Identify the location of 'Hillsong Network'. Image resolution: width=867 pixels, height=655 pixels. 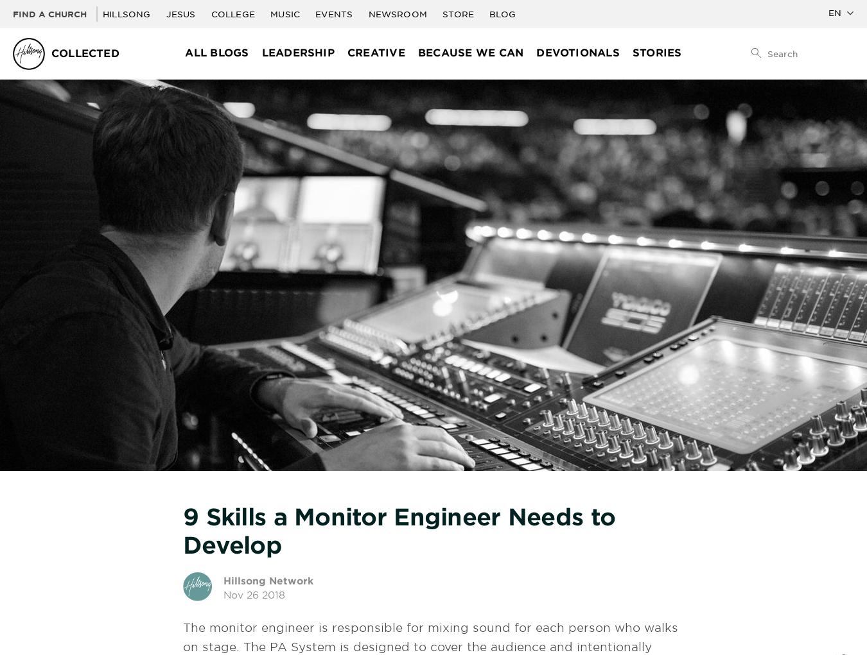
(268, 581).